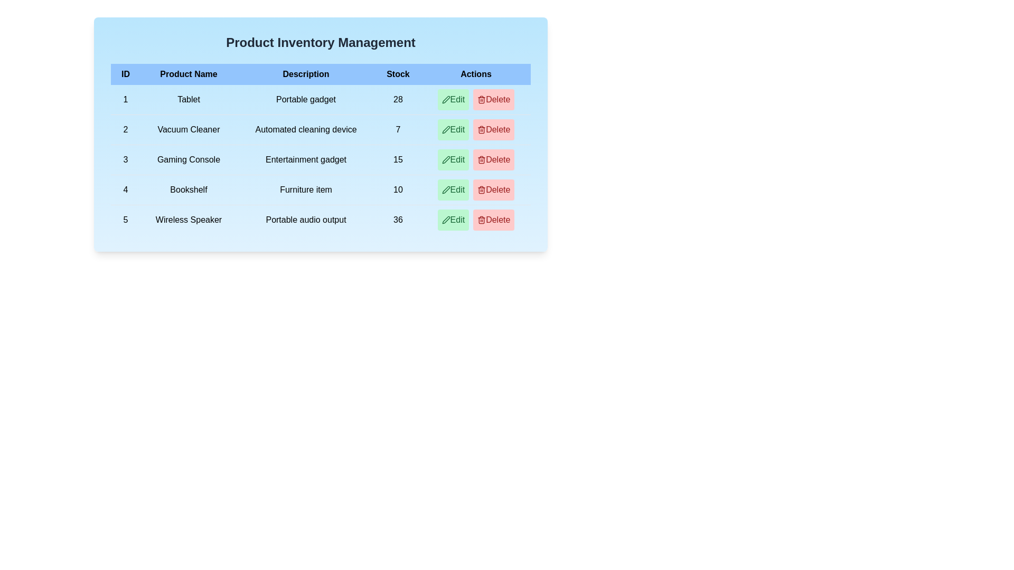 The height and width of the screenshot is (570, 1014). What do you see at coordinates (397, 189) in the screenshot?
I see `the text label displaying the number '10' in bold black font, located in the 'Stock' column of the table, specifically within the fourth row for the 'Bookshelf' product` at bounding box center [397, 189].